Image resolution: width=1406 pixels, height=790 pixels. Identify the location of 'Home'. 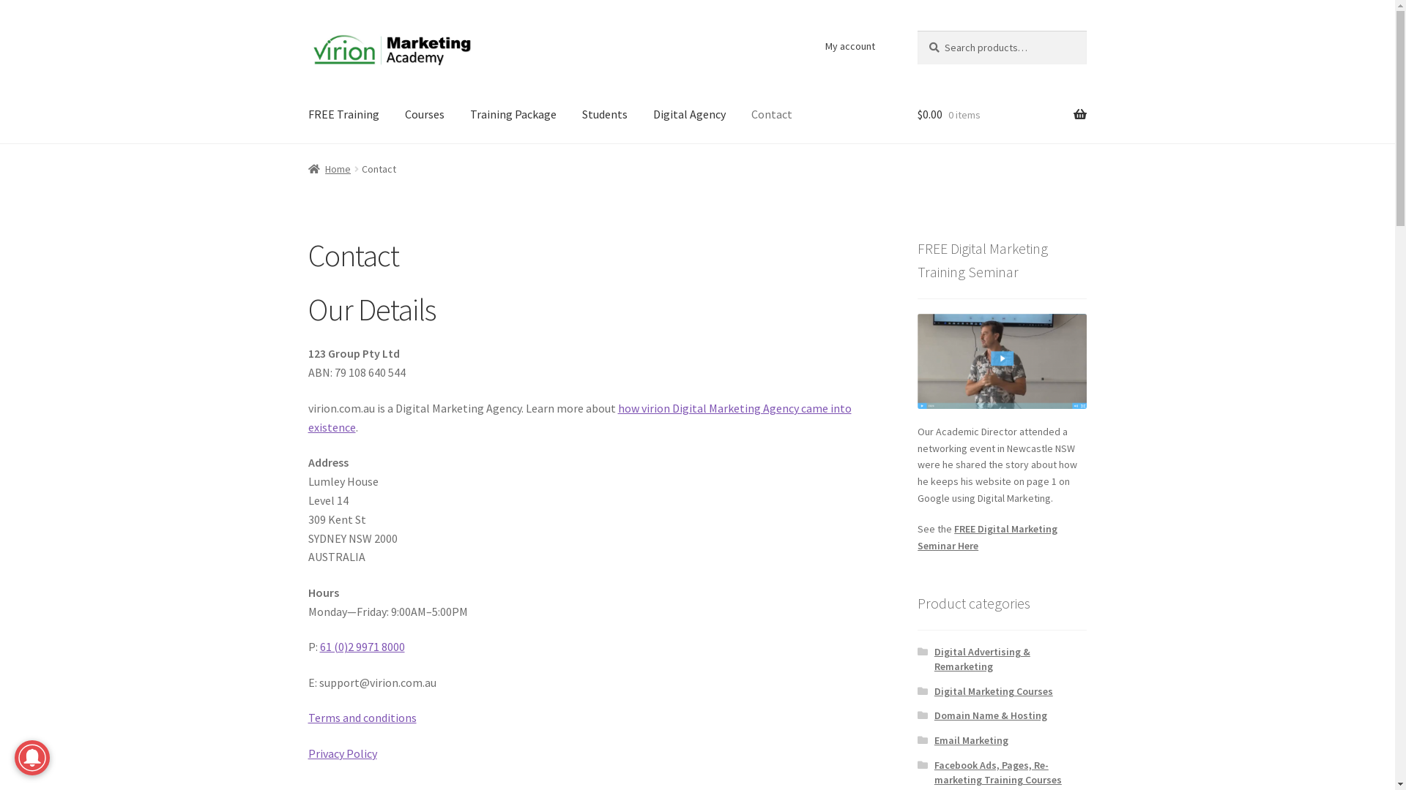
(329, 168).